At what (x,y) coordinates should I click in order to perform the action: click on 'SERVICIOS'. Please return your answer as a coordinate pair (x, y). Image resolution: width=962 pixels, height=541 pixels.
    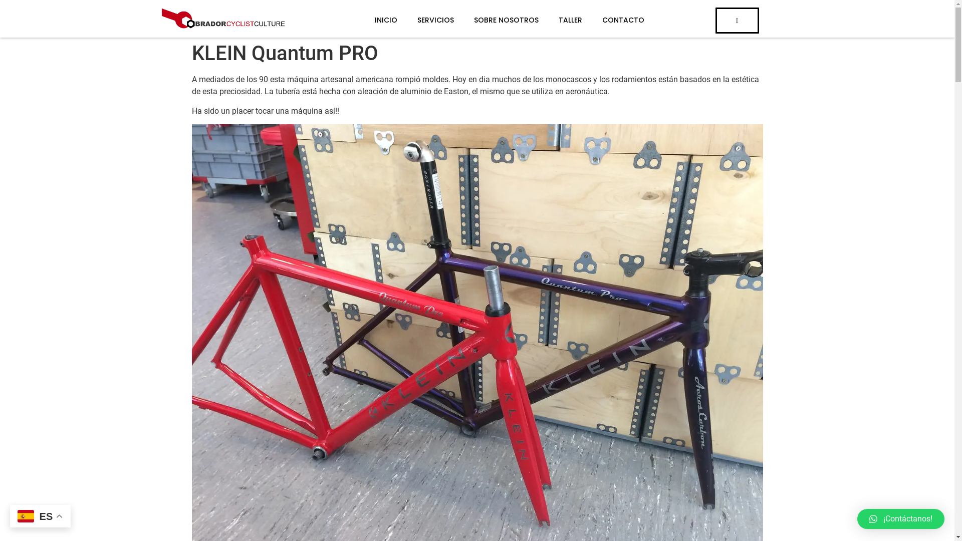
    Looking at the image, I should click on (425, 20).